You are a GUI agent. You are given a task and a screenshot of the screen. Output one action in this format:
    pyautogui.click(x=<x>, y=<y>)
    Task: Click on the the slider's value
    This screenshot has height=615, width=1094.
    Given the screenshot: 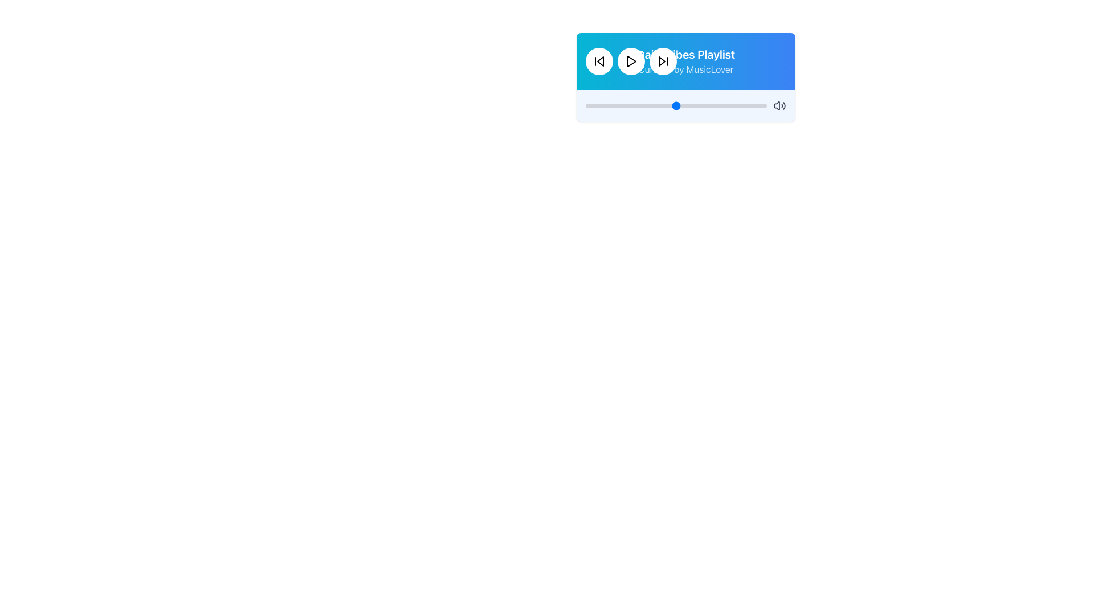 What is the action you would take?
    pyautogui.click(x=696, y=103)
    